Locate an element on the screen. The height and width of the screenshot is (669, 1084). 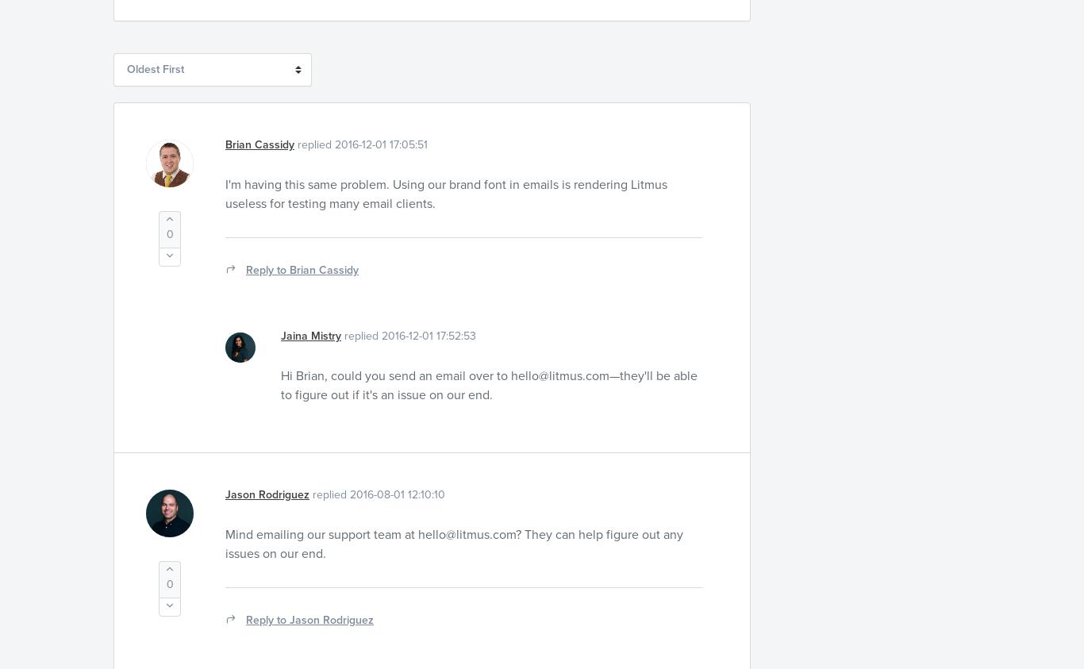
'—they'll be able to figure out if it's an issue on our end.' is located at coordinates (488, 384).